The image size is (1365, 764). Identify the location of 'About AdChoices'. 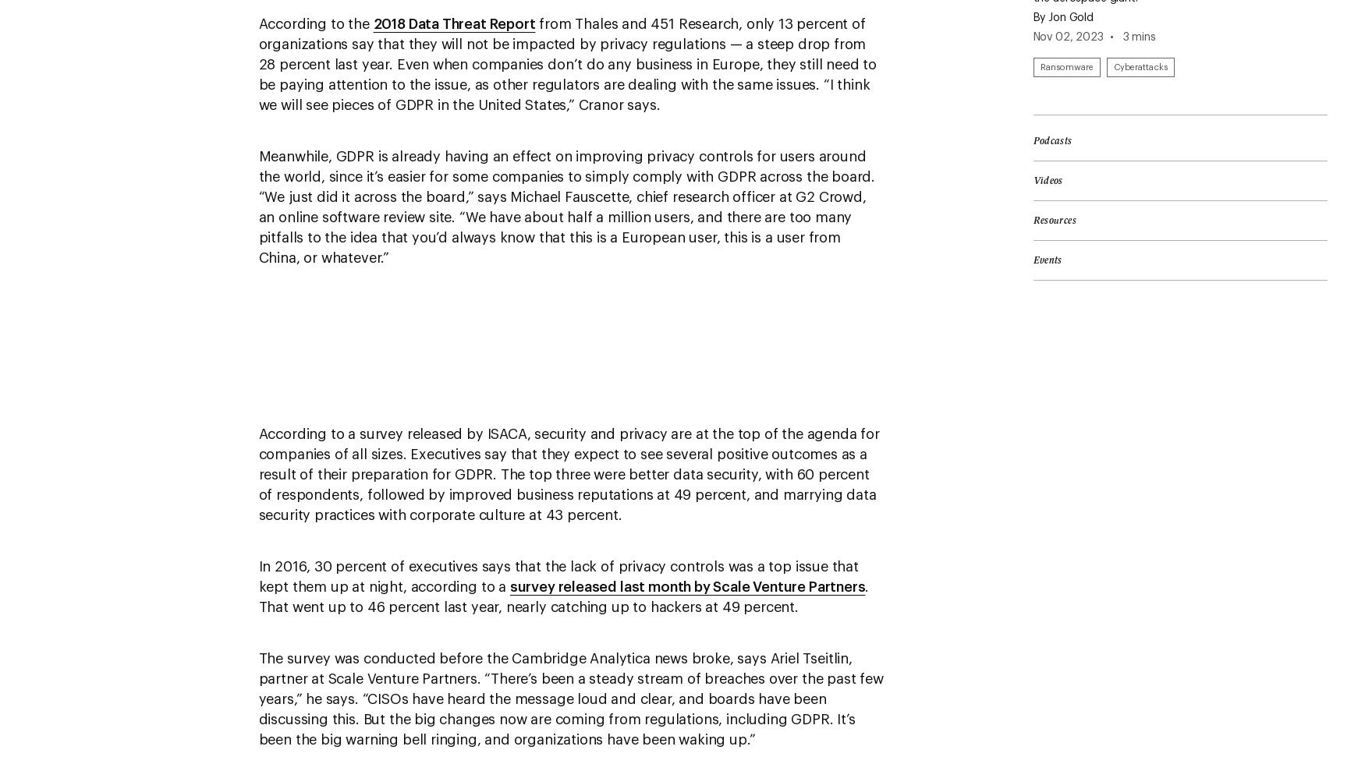
(369, 38).